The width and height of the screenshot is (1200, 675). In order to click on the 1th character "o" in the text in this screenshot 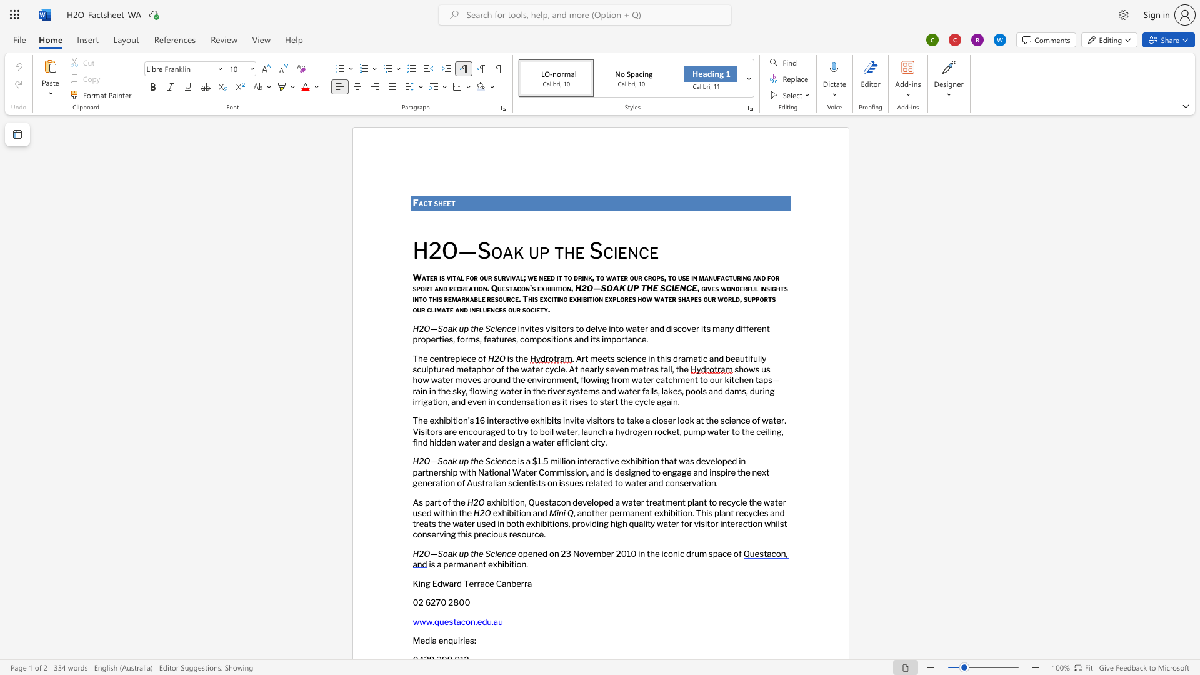, I will do `click(527, 339)`.